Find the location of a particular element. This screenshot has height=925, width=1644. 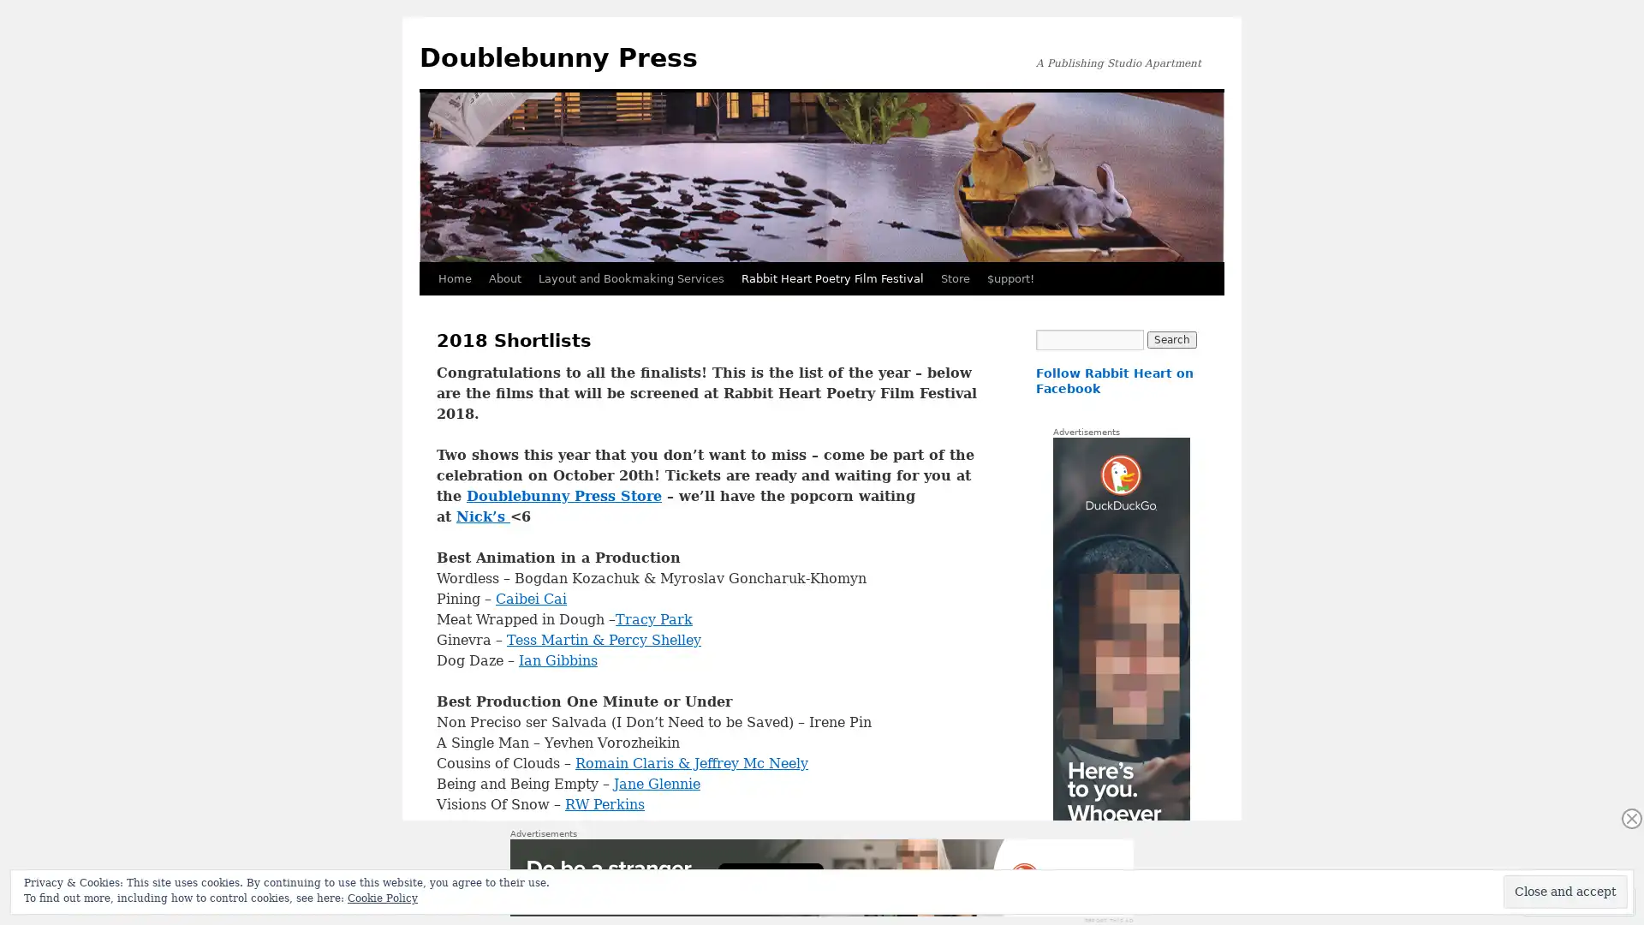

Search is located at coordinates (1170, 340).